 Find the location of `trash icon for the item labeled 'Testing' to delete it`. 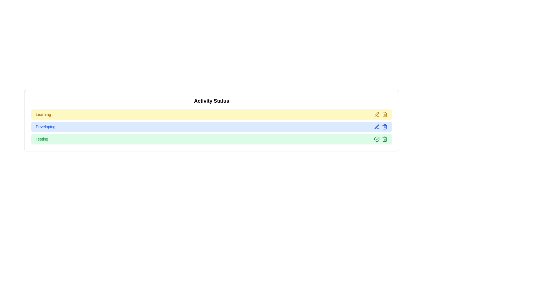

trash icon for the item labeled 'Testing' to delete it is located at coordinates (384, 139).